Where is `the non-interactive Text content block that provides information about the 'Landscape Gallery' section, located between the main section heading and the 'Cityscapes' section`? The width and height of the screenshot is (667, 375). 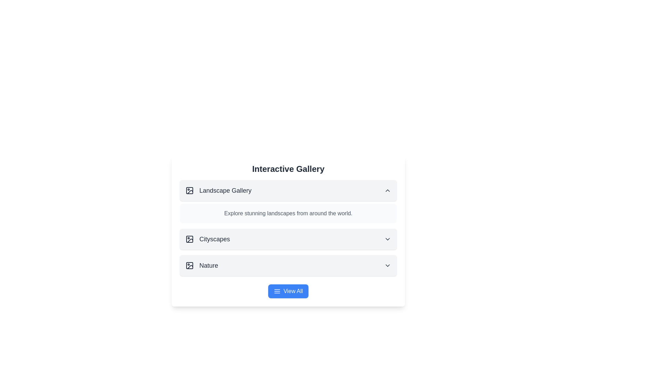 the non-interactive Text content block that provides information about the 'Landscape Gallery' section, located between the main section heading and the 'Cityscapes' section is located at coordinates (288, 213).